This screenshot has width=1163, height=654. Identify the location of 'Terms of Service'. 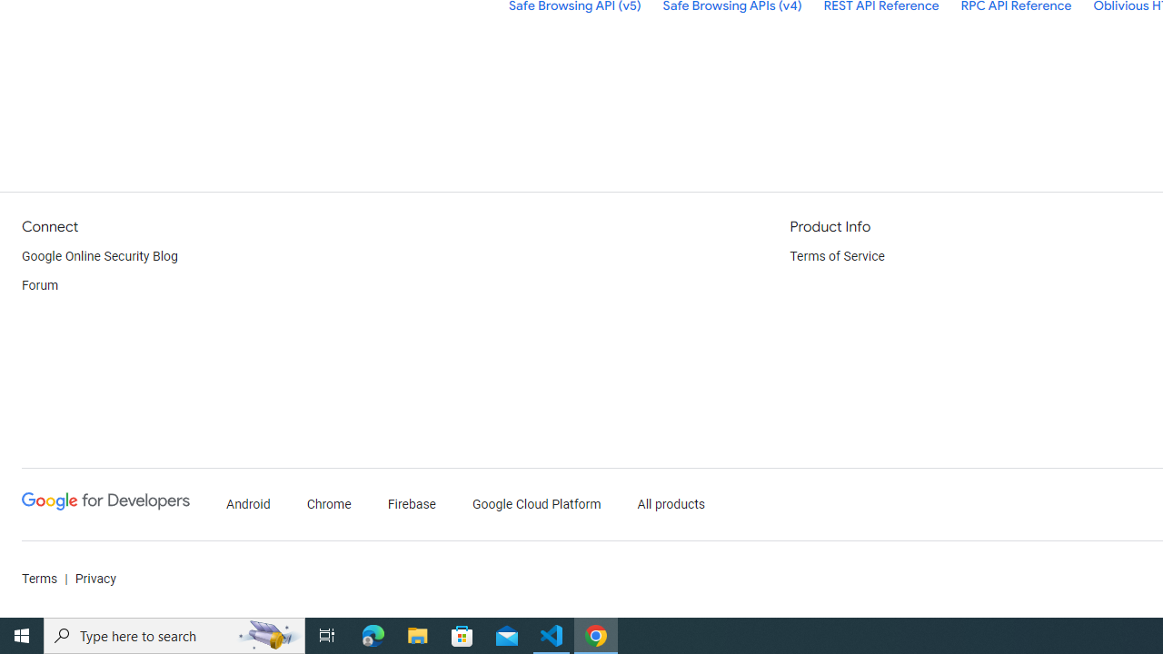
(836, 256).